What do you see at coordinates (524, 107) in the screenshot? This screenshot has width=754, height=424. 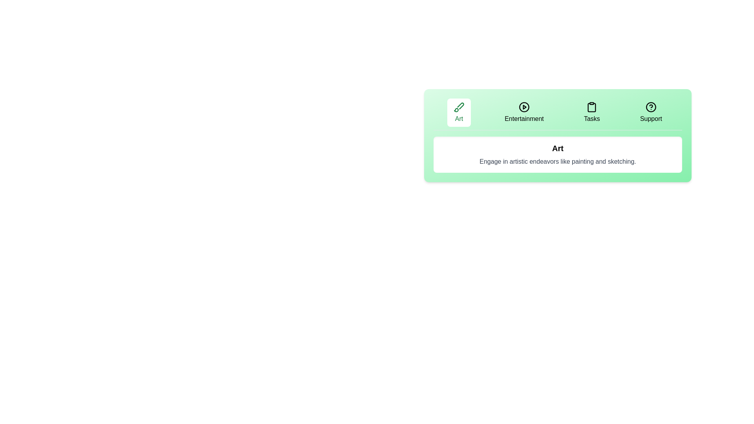 I see `the circular graphical component with a visible outline located in the 'Entertainment' section, which is part of a row of options at the top of the interface` at bounding box center [524, 107].